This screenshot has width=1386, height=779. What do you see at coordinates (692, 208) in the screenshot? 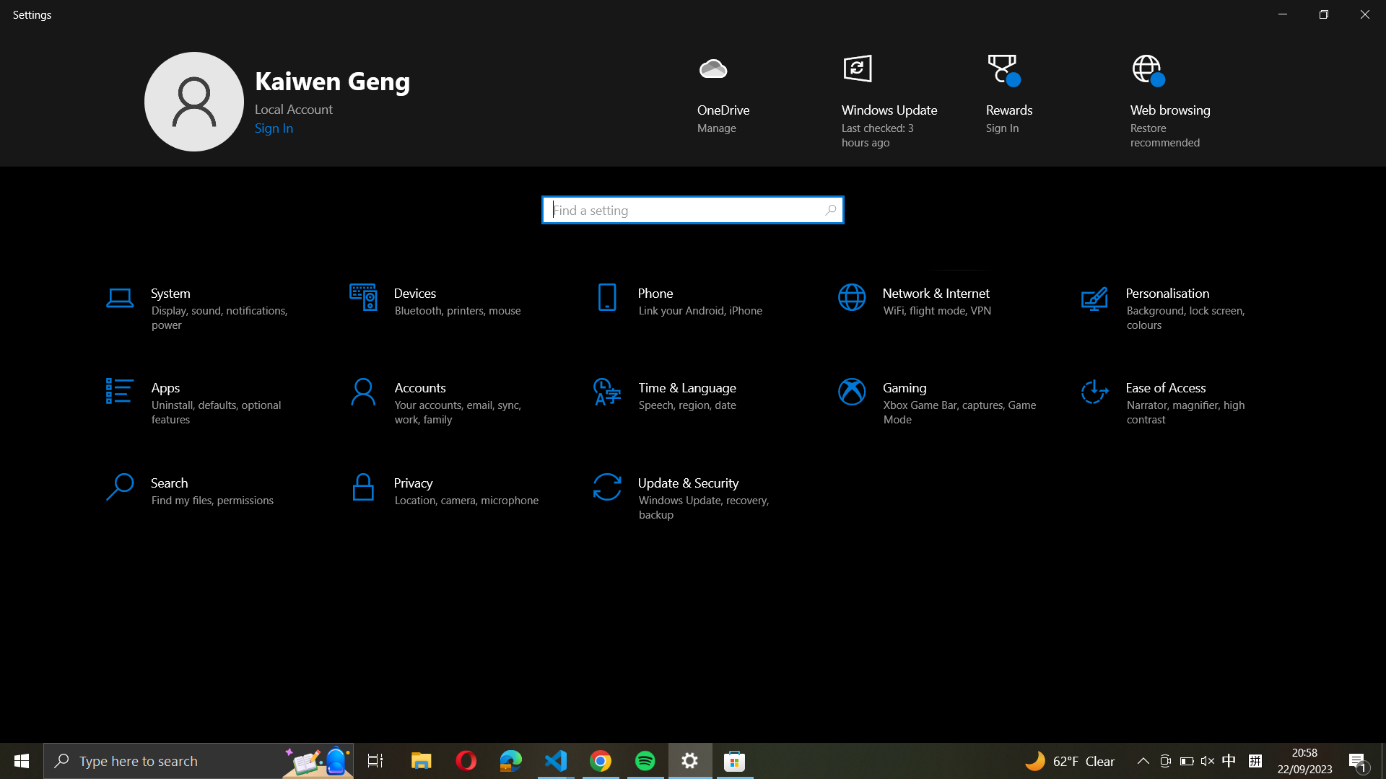
I see `Search "Windows Hello" and select the first option in the drop down list by key board commands "down press" and "enter` at bounding box center [692, 208].